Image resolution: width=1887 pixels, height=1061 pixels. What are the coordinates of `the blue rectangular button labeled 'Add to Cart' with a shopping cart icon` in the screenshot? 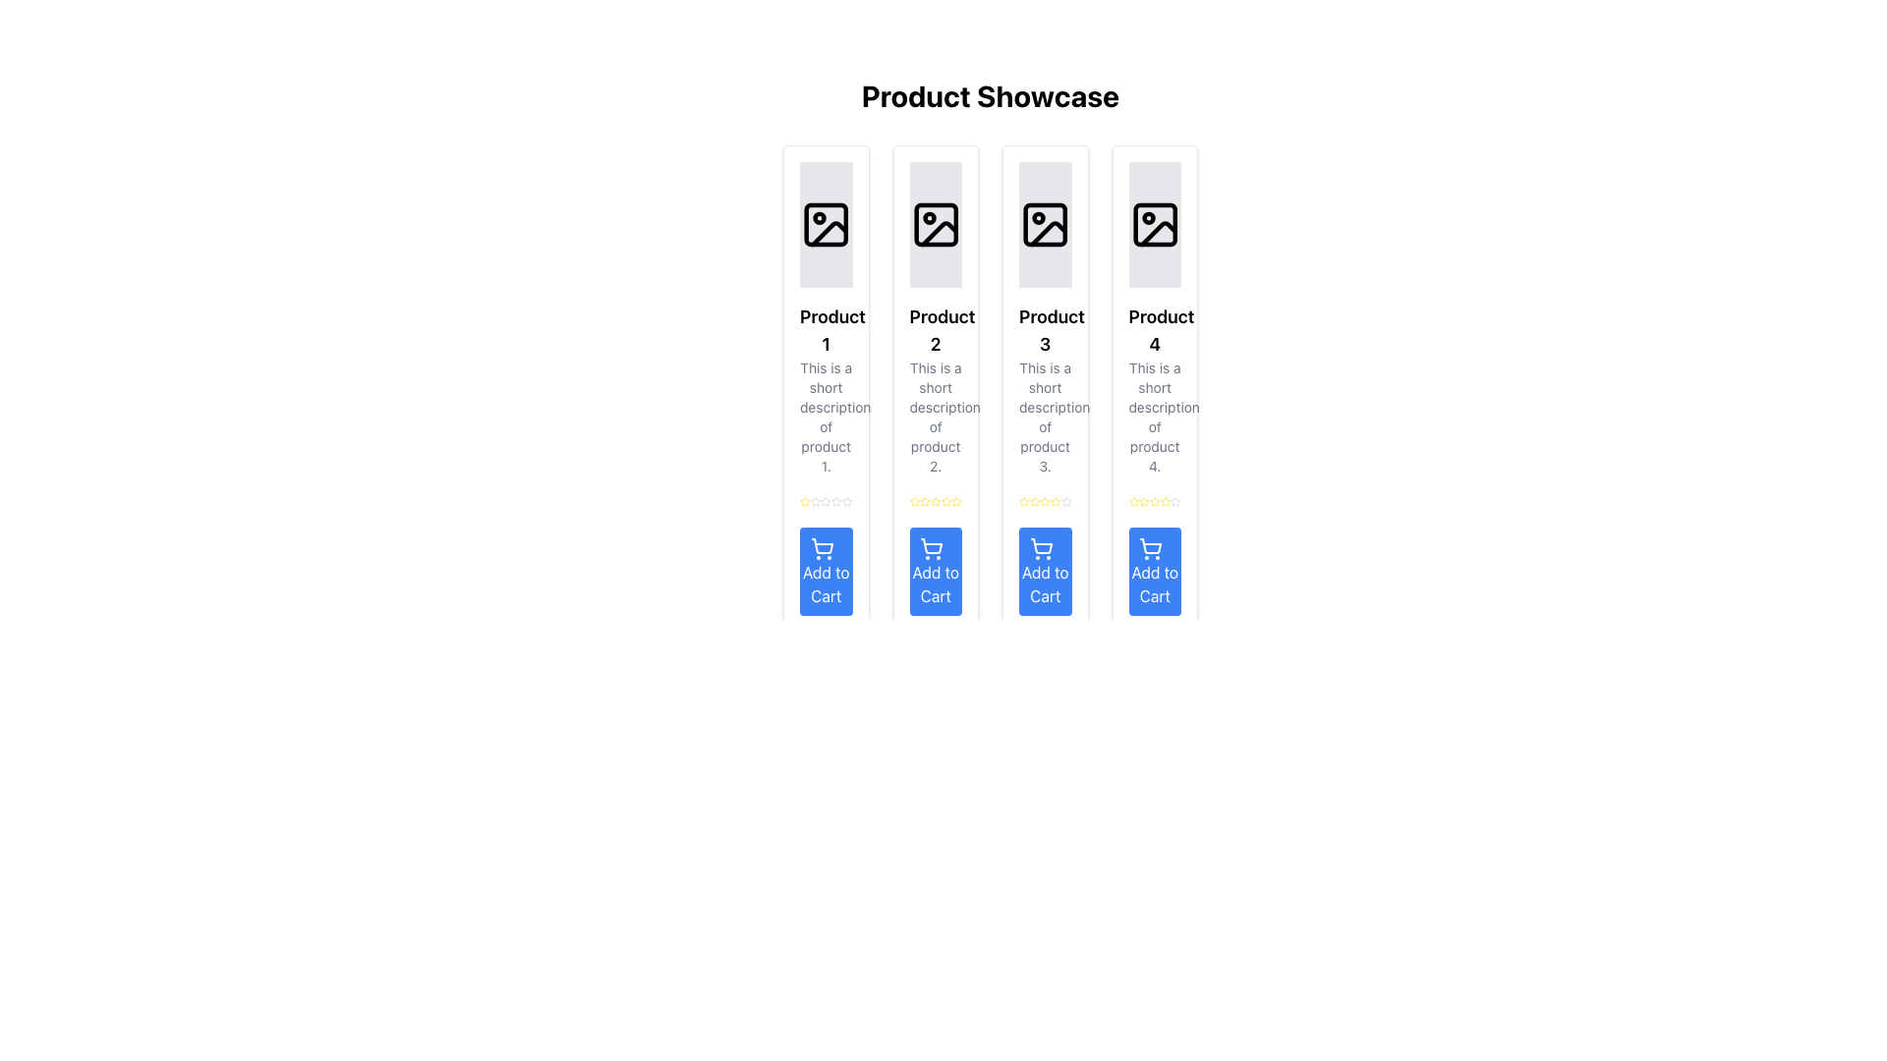 It's located at (935, 571).